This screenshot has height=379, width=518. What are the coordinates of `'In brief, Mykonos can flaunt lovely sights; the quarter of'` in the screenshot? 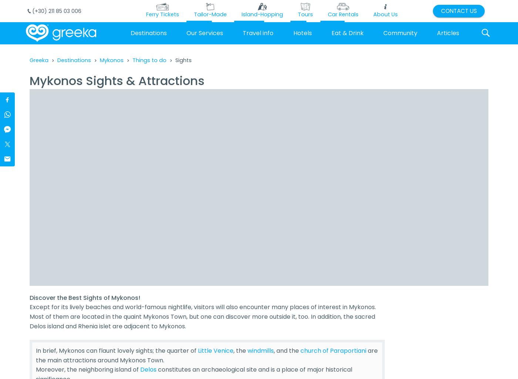 It's located at (117, 351).